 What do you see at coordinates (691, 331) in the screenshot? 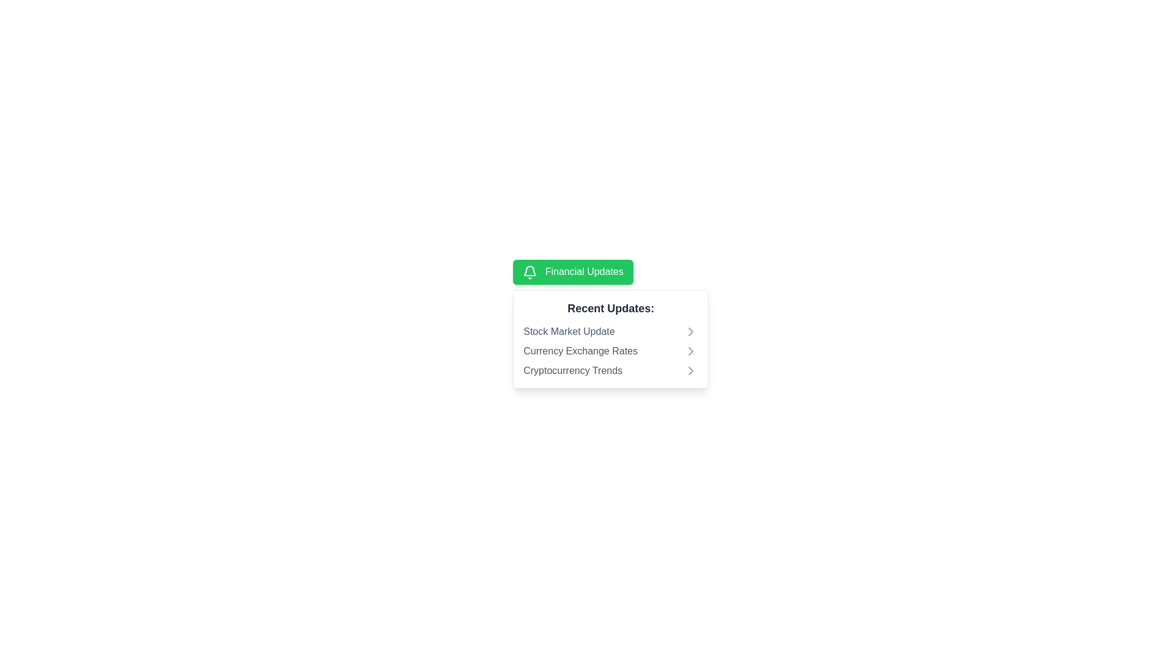
I see `the navigation icon located to the far right of the 'Stock Market Update' text` at bounding box center [691, 331].